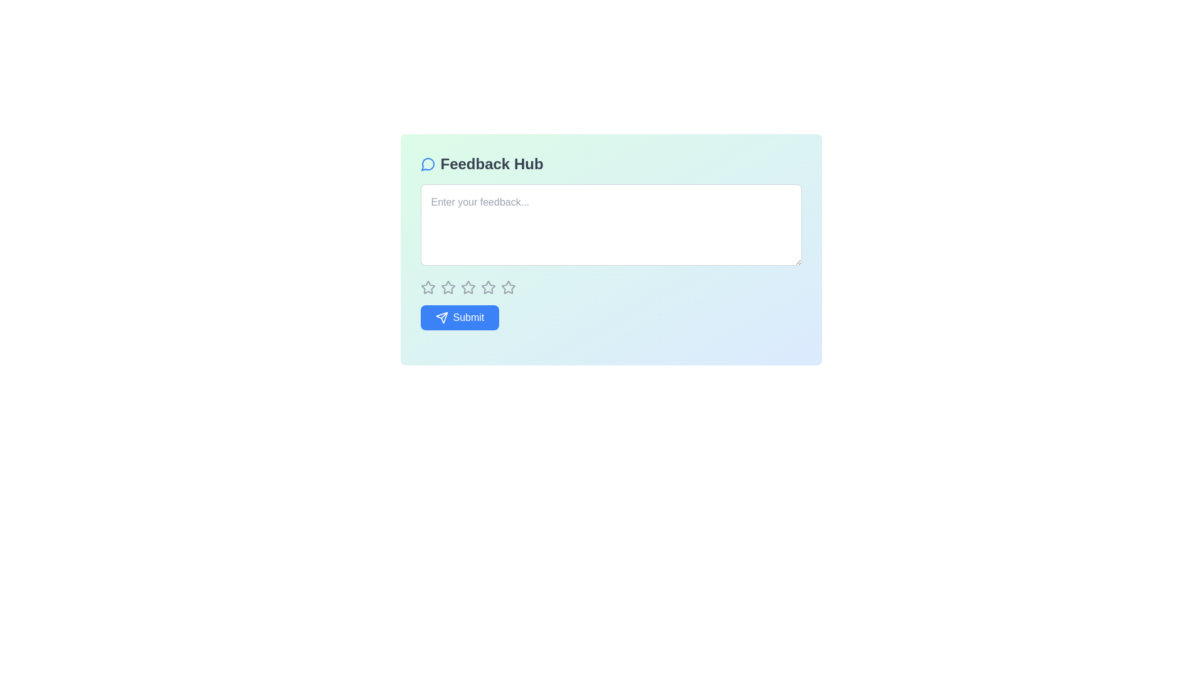 This screenshot has width=1204, height=677. What do you see at coordinates (508, 288) in the screenshot?
I see `the fifth star-shaped icon in the horizontal row below the 'Feedback Hub' text input field` at bounding box center [508, 288].